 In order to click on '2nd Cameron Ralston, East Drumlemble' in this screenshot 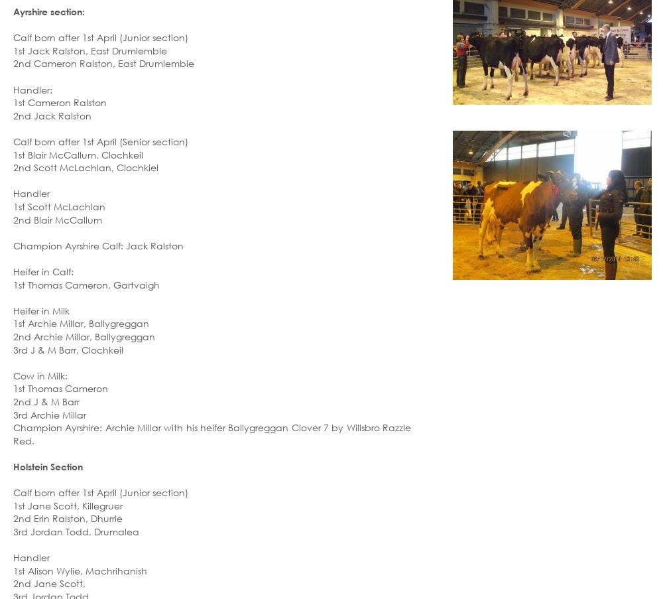, I will do `click(103, 63)`.